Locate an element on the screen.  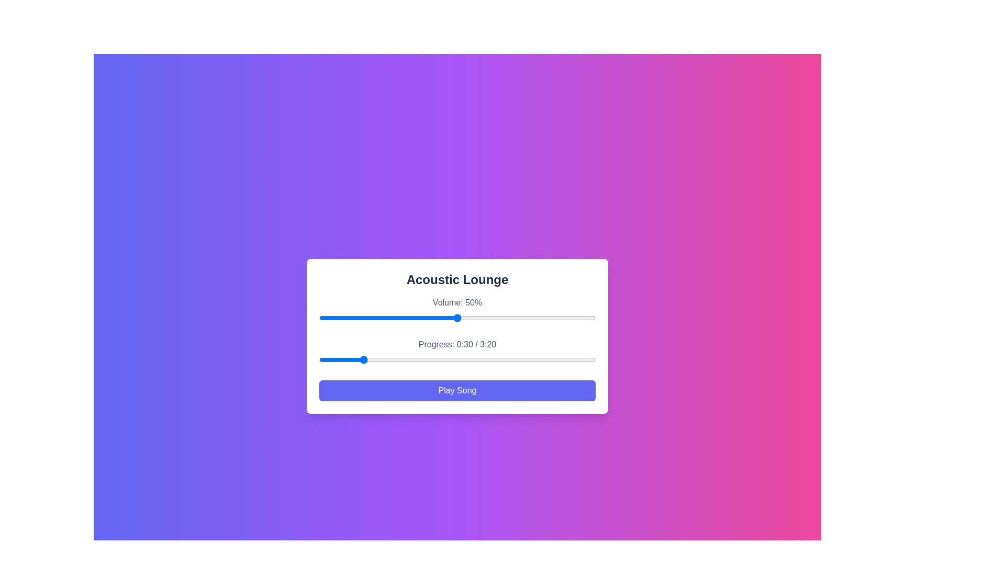
the song progress to 21 seconds is located at coordinates (348, 359).